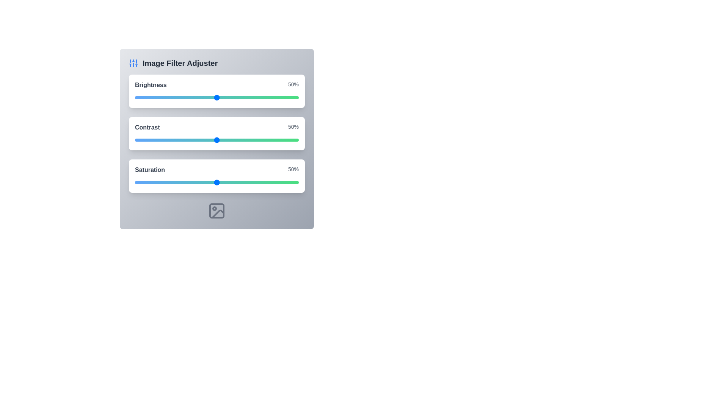 The width and height of the screenshot is (728, 409). I want to click on the contrast slider to 20%, so click(167, 140).